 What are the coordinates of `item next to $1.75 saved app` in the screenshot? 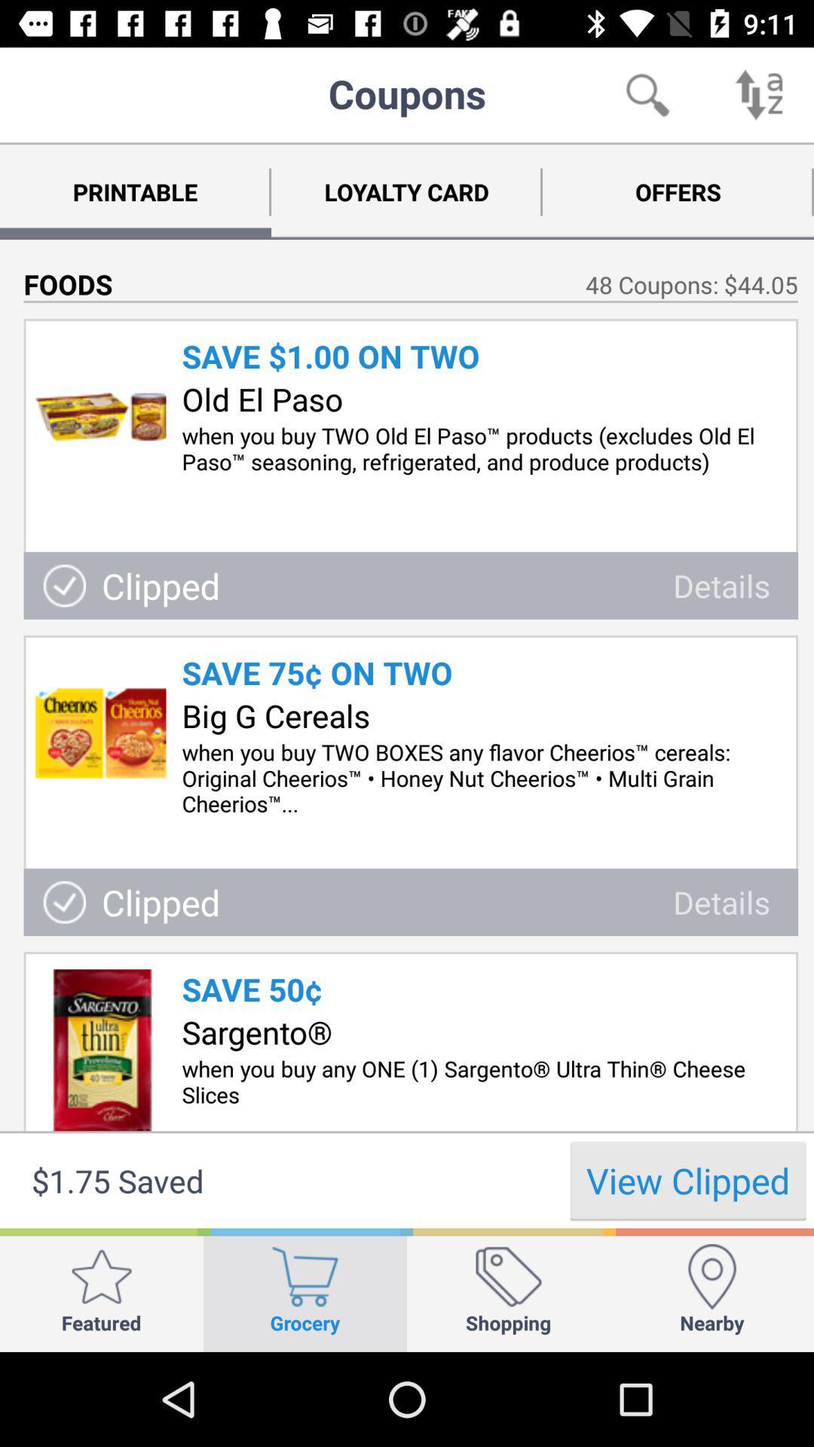 It's located at (688, 1179).